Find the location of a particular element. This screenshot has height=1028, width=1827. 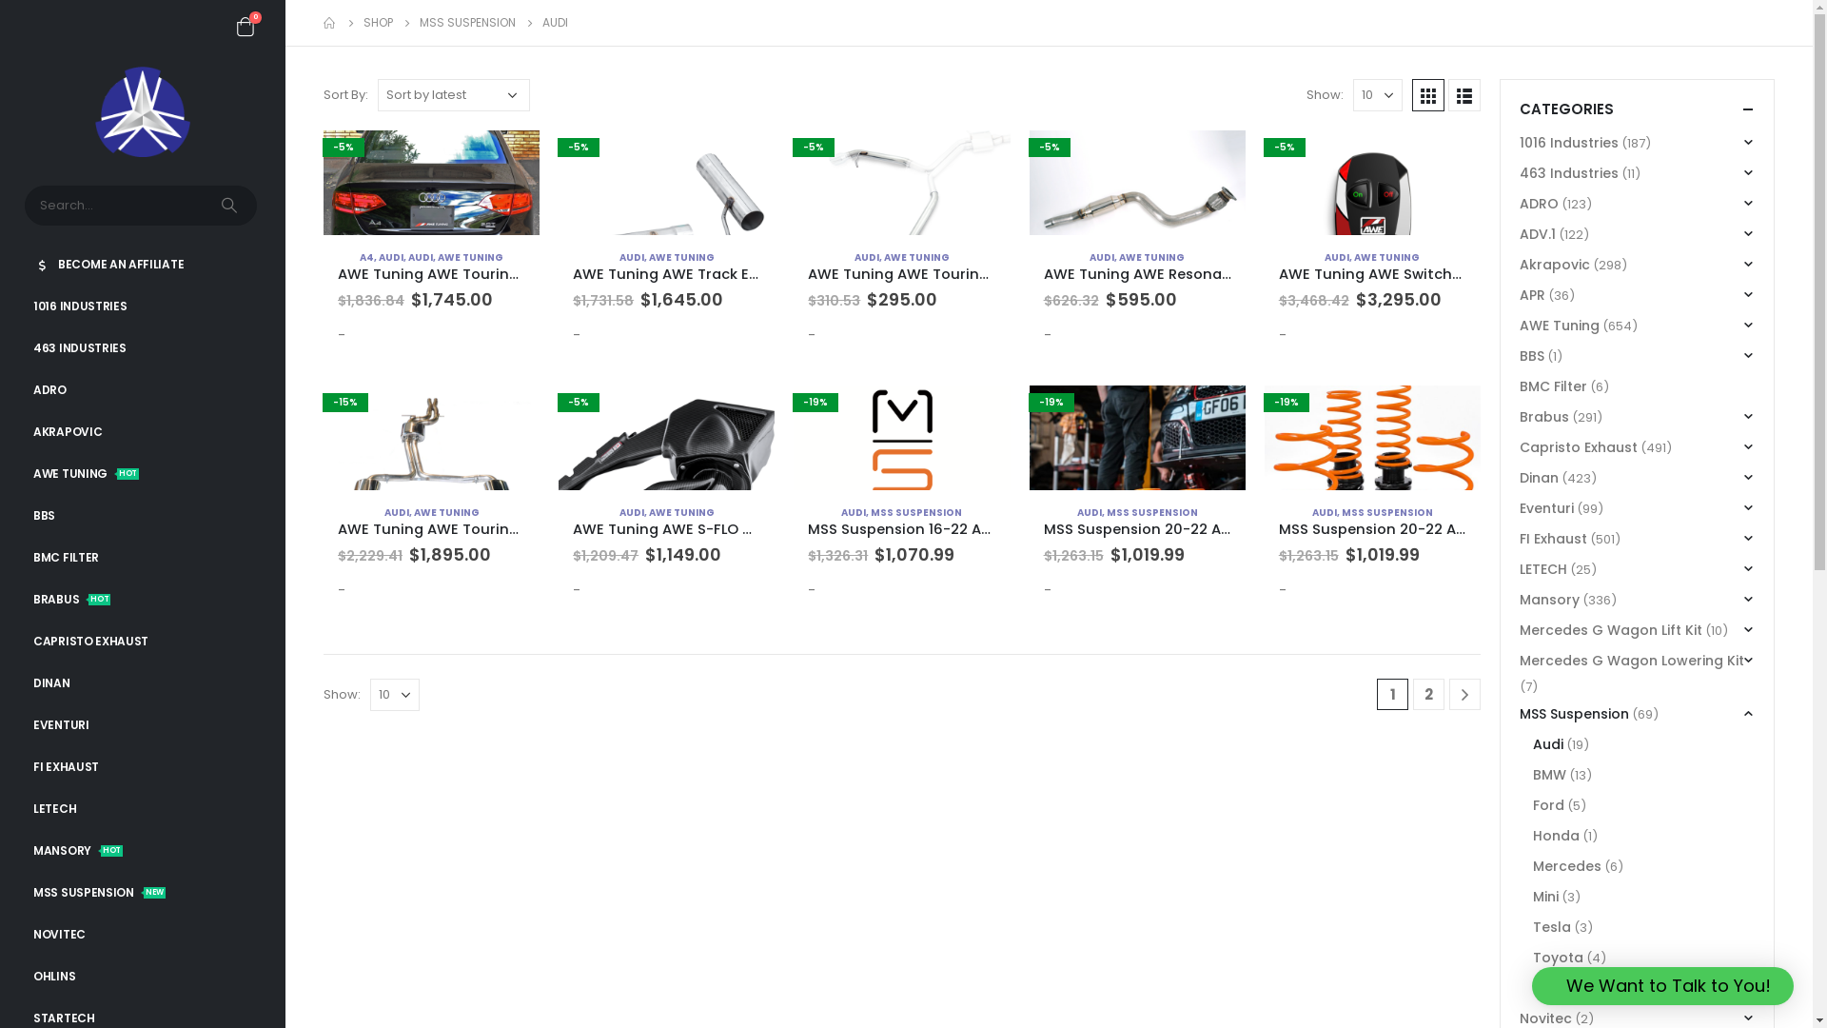

'2' is located at coordinates (1412, 694).